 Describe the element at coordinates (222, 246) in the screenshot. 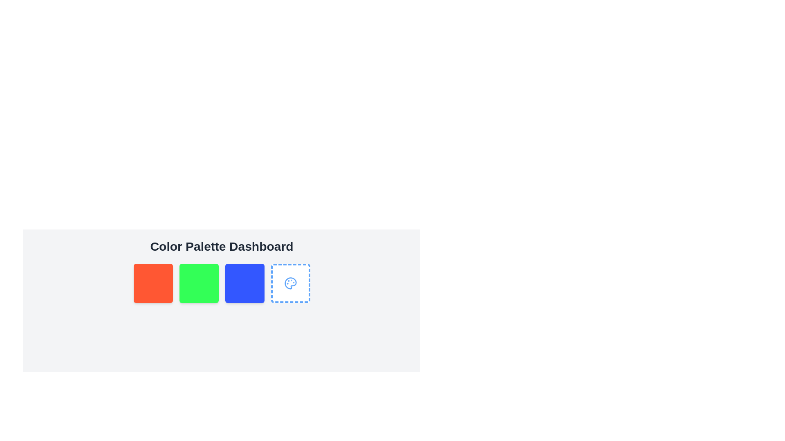

I see `the text label that serves as the title for the color palette interface, located above the row of colored squares` at that location.